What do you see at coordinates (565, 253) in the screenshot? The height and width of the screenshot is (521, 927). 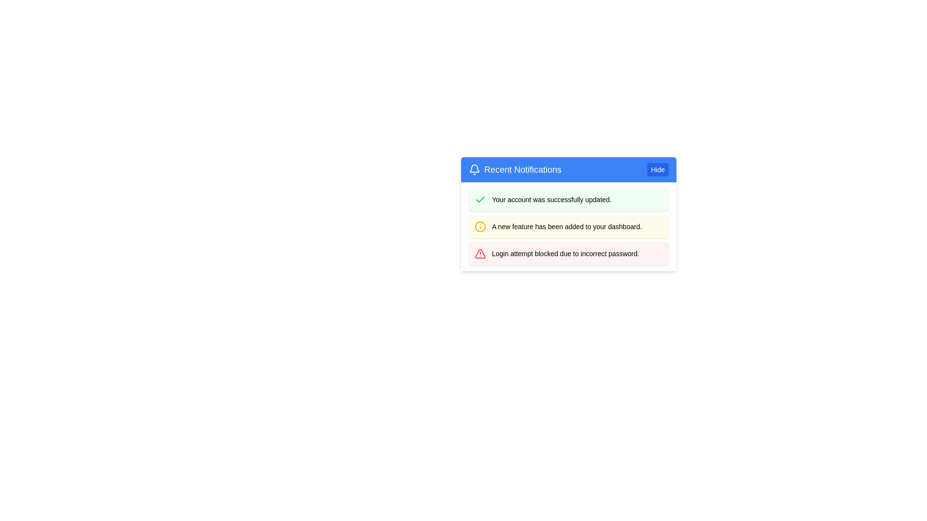 I see `static text element that displays the message 'Login attempt blocked due to incorrect password.' which is styled in a small font and located in a light red alert box at the bottom of the notifications list` at bounding box center [565, 253].